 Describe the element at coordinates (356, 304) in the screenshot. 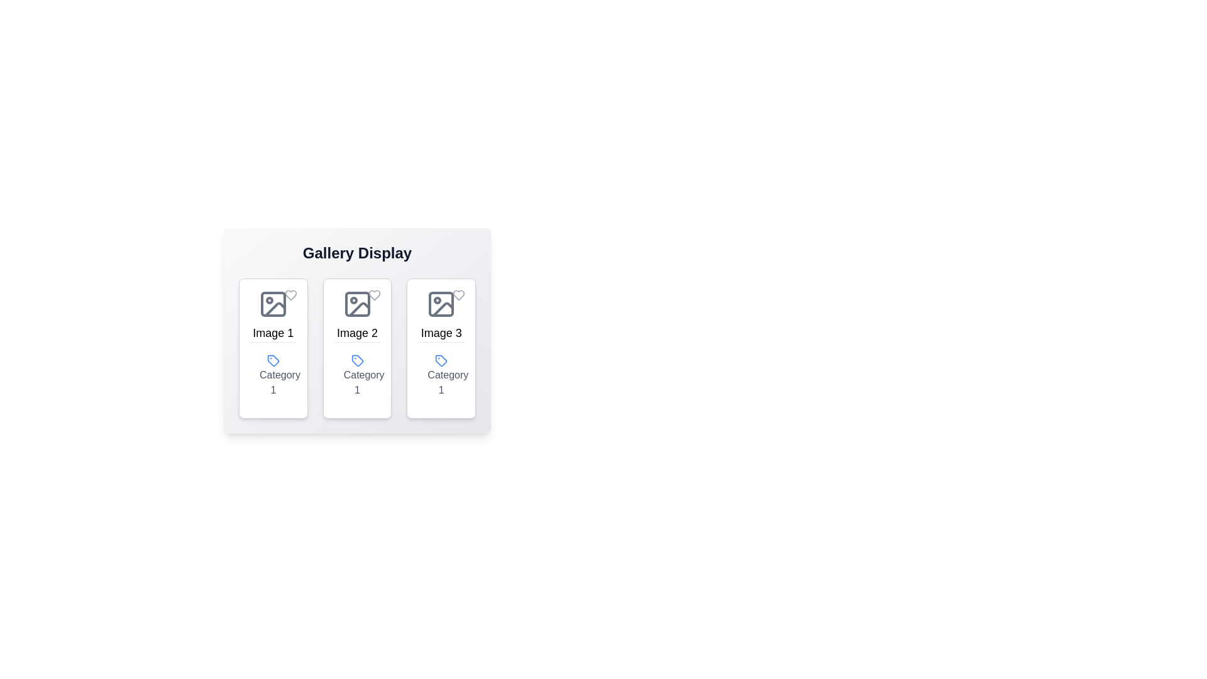

I see `the minimalistic picture frame icon located above the label 'Image 2'` at that location.